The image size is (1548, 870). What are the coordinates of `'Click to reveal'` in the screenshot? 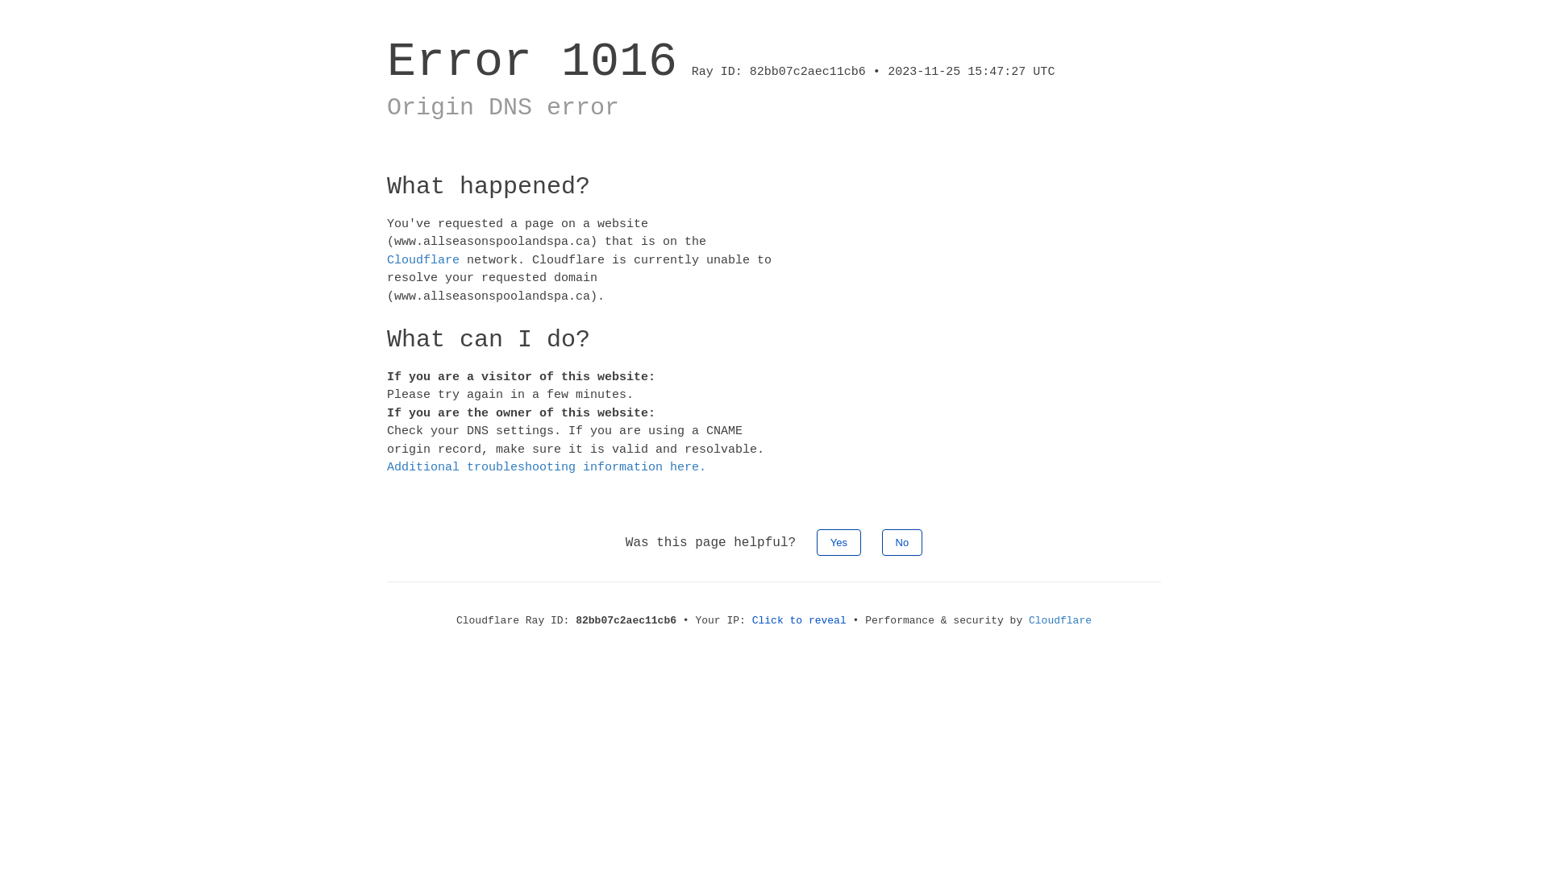 It's located at (799, 619).